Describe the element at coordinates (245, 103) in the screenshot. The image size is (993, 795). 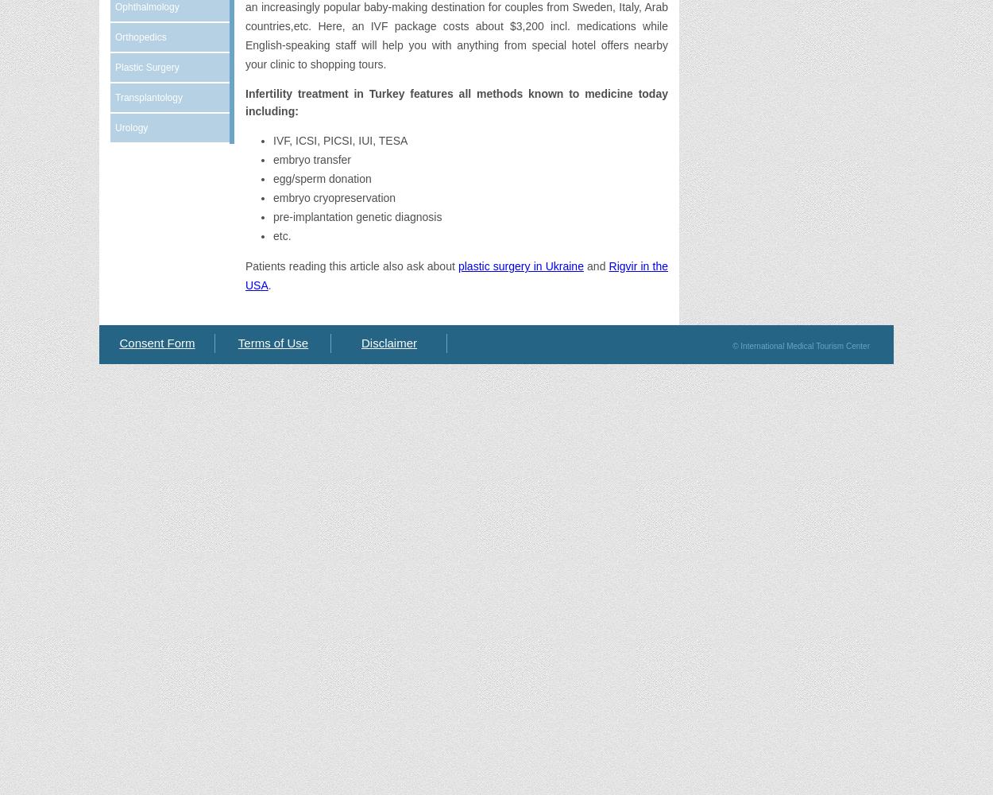
I see `'Infertility treatment in Turkey features all methods known to medicine today including:'` at that location.